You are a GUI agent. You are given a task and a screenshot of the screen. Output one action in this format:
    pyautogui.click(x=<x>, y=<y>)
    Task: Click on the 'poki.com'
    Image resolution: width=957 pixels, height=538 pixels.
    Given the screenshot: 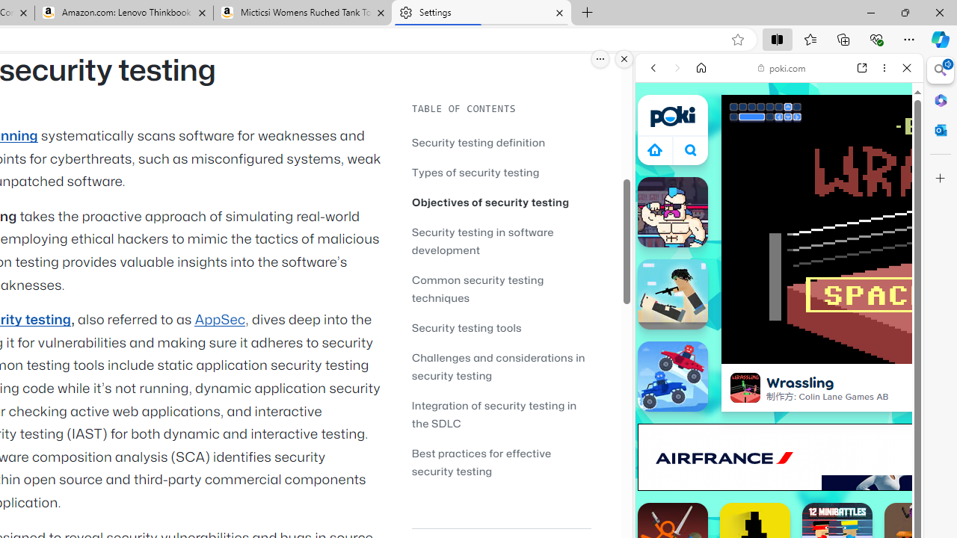 What is the action you would take?
    pyautogui.click(x=781, y=68)
    